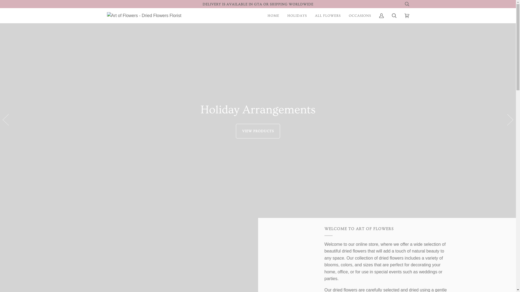  I want to click on 'ALL FLOWERS', so click(311, 15).